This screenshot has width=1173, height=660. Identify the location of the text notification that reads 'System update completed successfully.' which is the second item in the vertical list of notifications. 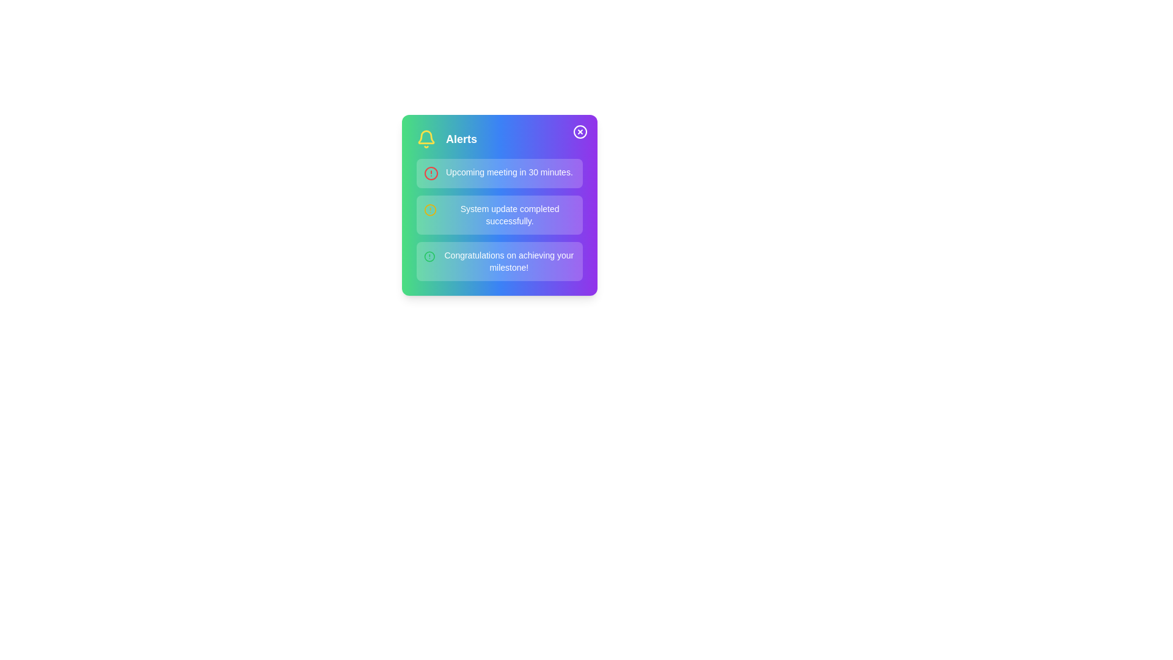
(499, 214).